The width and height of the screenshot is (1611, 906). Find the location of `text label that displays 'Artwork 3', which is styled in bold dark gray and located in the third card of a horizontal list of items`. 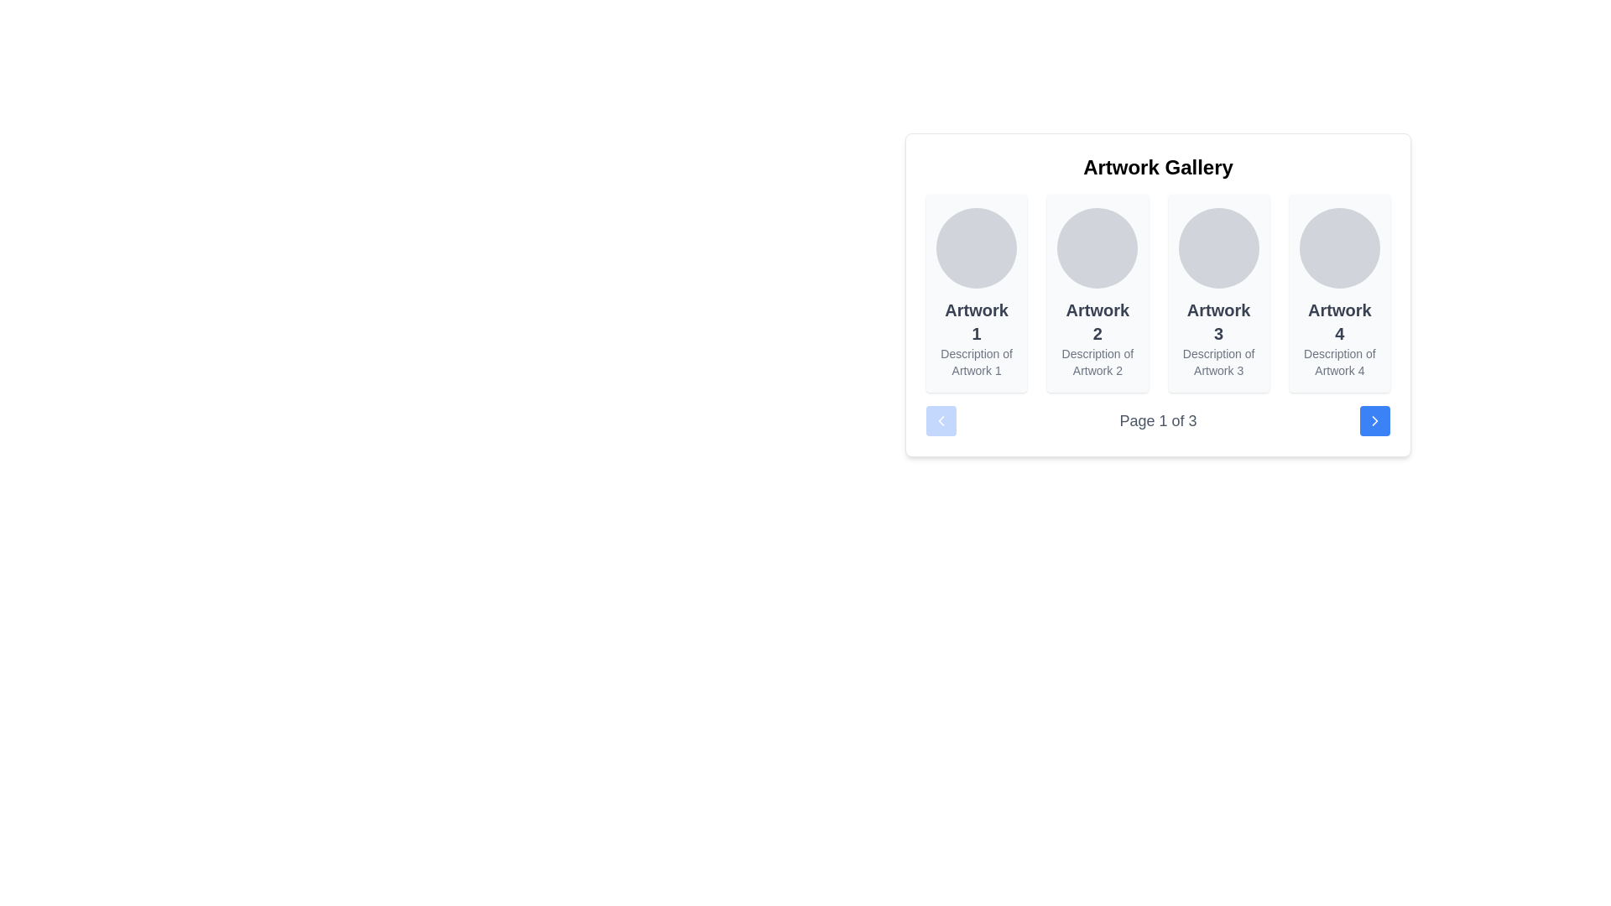

text label that displays 'Artwork 3', which is styled in bold dark gray and located in the third card of a horizontal list of items is located at coordinates (1218, 322).